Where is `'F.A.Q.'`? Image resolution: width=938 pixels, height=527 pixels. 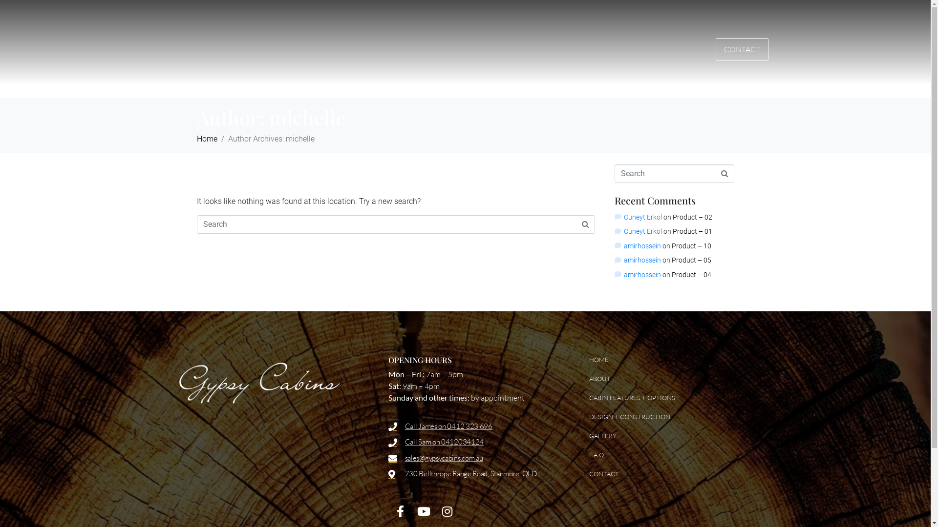
'F.A.Q.' is located at coordinates (588, 455).